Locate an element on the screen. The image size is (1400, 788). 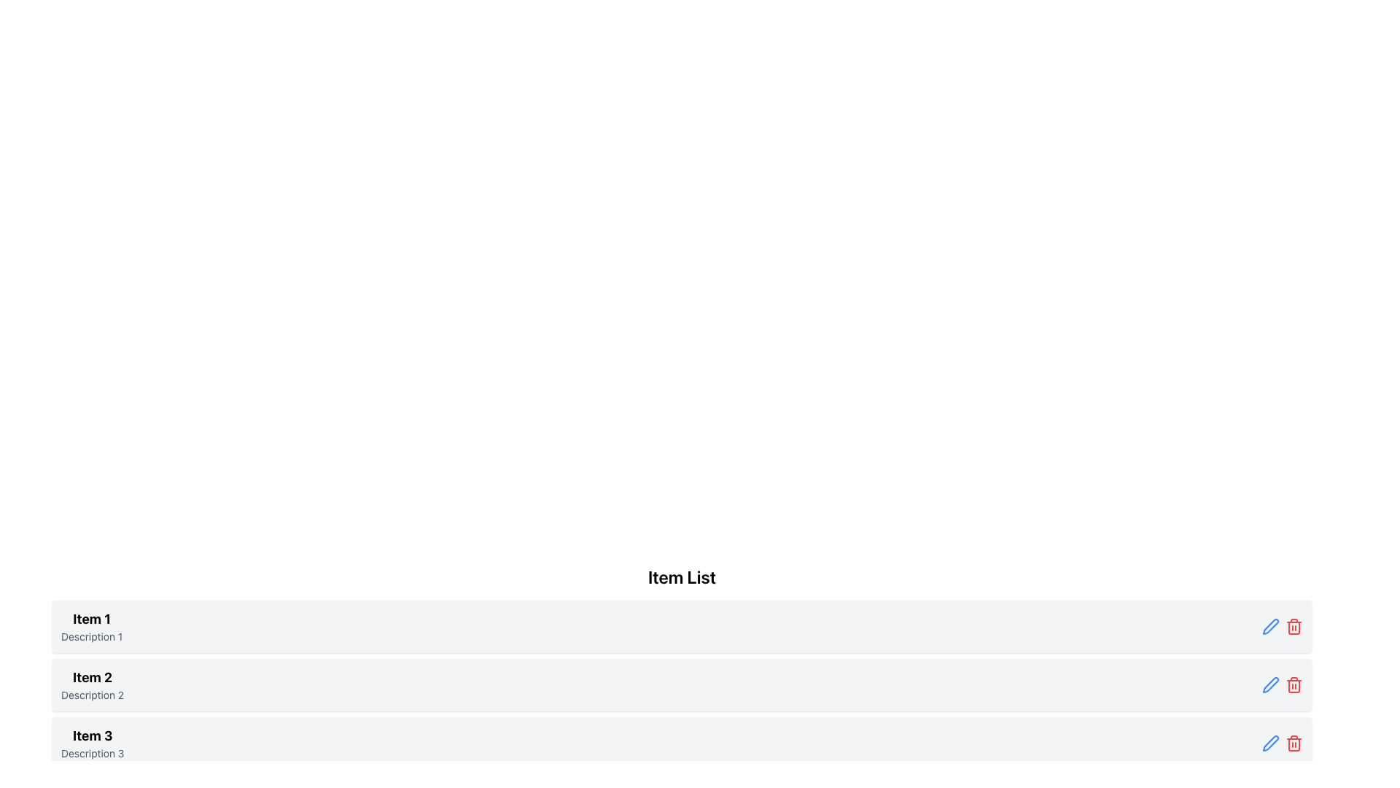
the static text label 'Description 2' located below 'Item 2' in the list is located at coordinates (92, 694).